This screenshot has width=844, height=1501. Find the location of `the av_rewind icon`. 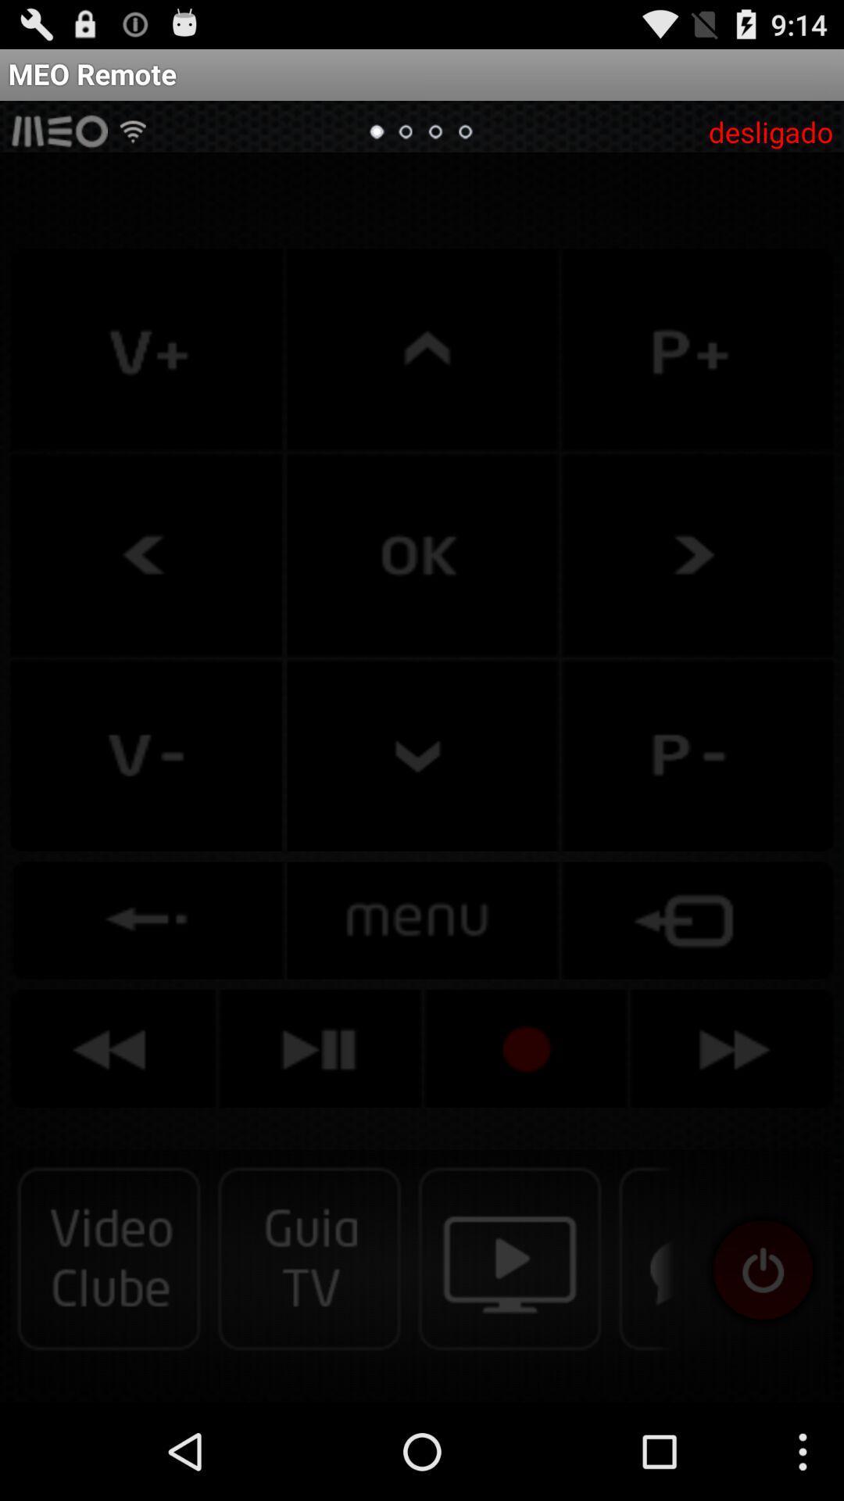

the av_rewind icon is located at coordinates (113, 1121).